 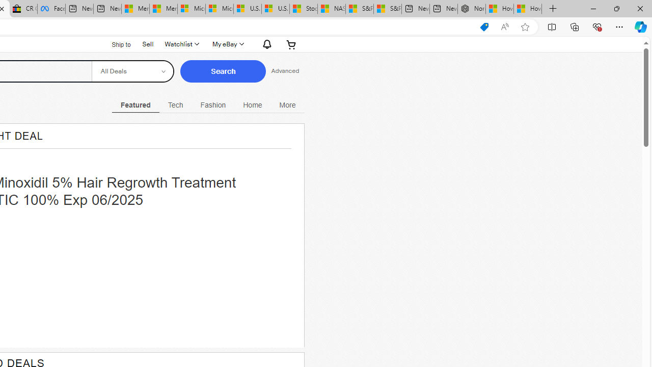 I want to click on 'Read aloud this page (Ctrl+Shift+U)', so click(x=505, y=27).